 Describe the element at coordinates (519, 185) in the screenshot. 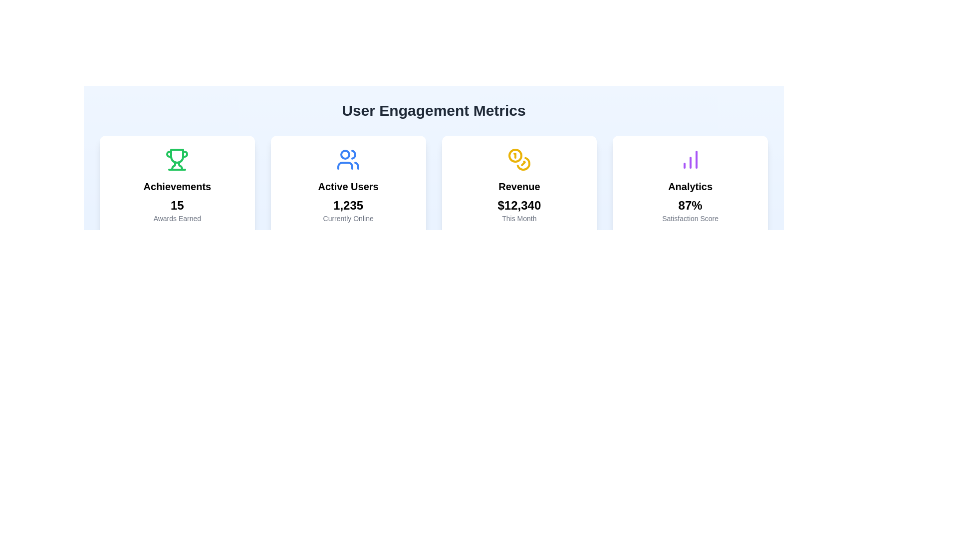

I see `the informational card displaying 'Revenue' with the monetary value '$12,340', located in the center-right of the grid layout` at that location.